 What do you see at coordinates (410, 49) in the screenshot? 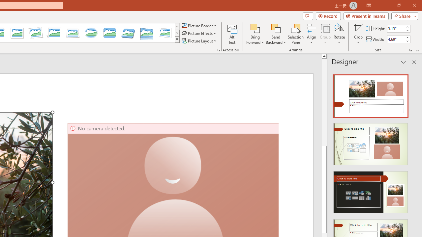
I see `'Size and Position...'` at bounding box center [410, 49].